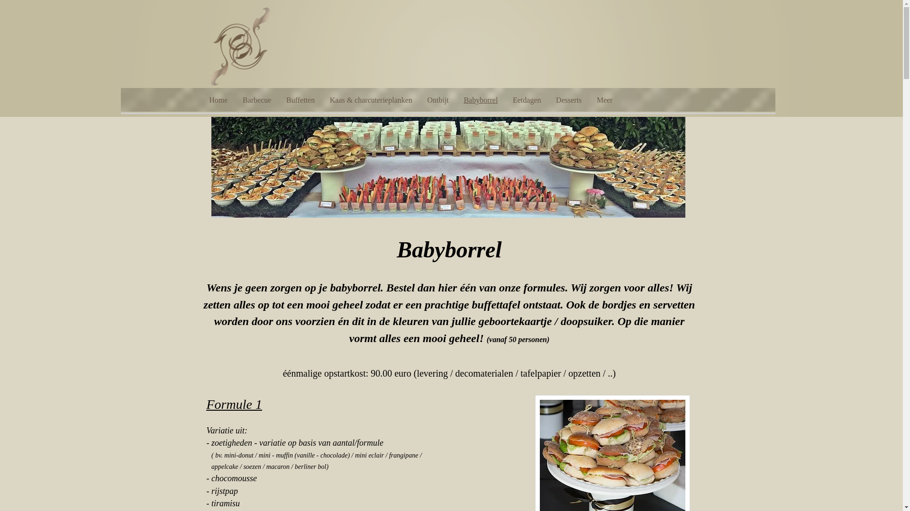 The height and width of the screenshot is (511, 910). I want to click on 'Eetdagen', so click(526, 100).